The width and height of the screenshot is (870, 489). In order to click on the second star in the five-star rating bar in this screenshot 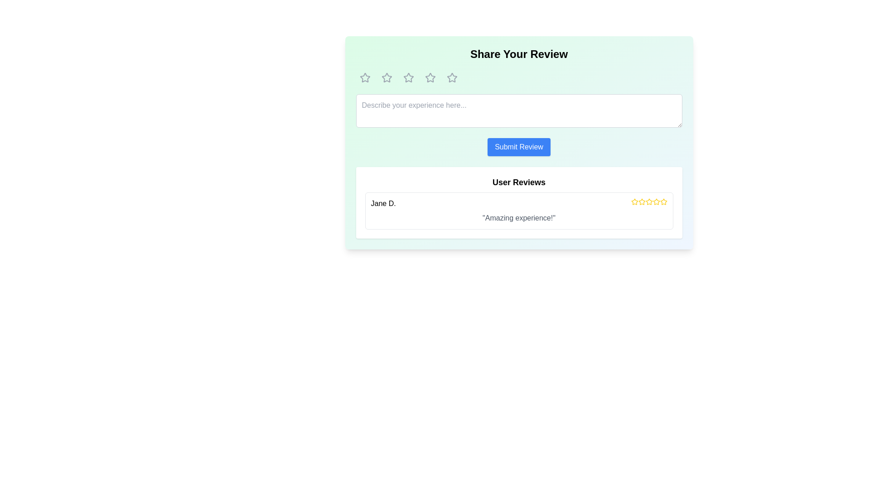, I will do `click(387, 77)`.